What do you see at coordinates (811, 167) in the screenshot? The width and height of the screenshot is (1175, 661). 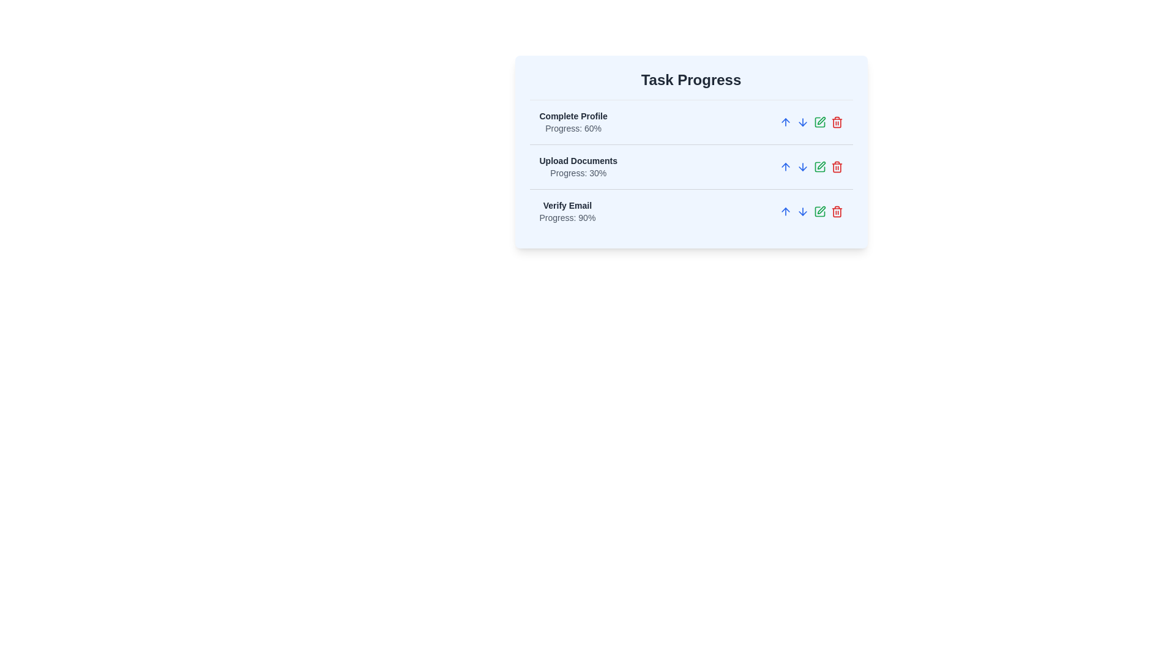 I see `the third interactive icon located to the right of the 'Upload Documents Progress: 30%' text` at bounding box center [811, 167].